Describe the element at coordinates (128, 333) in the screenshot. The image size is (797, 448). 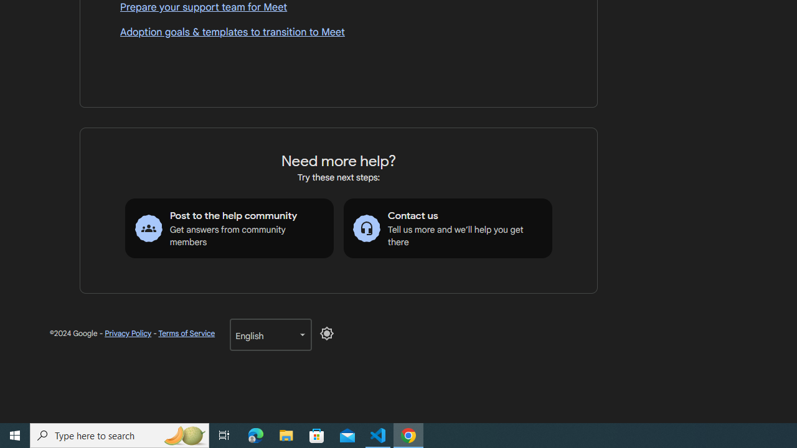
I see `'Privacy Policy'` at that location.